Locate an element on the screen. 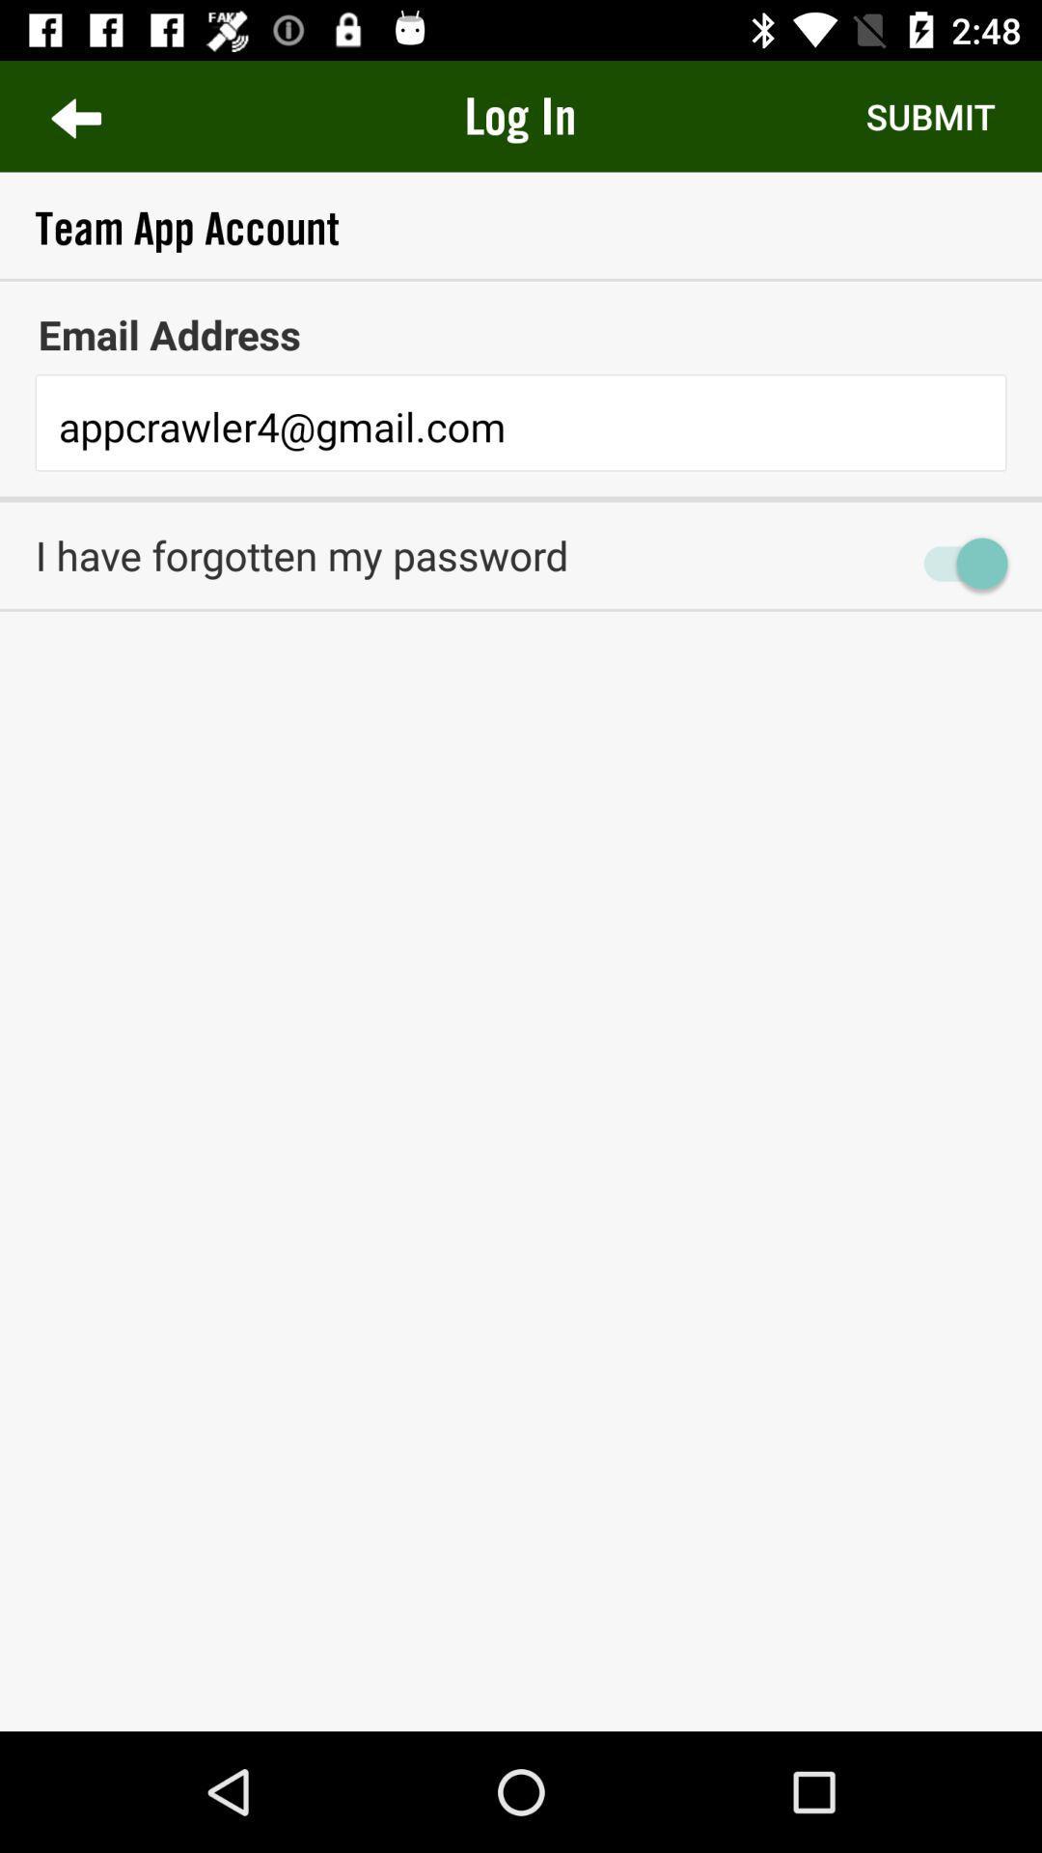 The image size is (1042, 1853). the icon above appcrawler4@gmail.com is located at coordinates (521, 334).